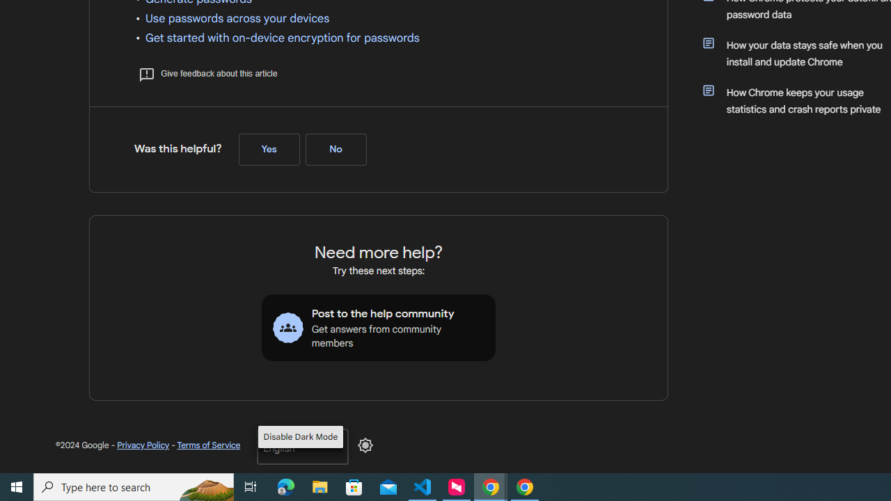  What do you see at coordinates (207, 445) in the screenshot?
I see `'Terms of Service'` at bounding box center [207, 445].